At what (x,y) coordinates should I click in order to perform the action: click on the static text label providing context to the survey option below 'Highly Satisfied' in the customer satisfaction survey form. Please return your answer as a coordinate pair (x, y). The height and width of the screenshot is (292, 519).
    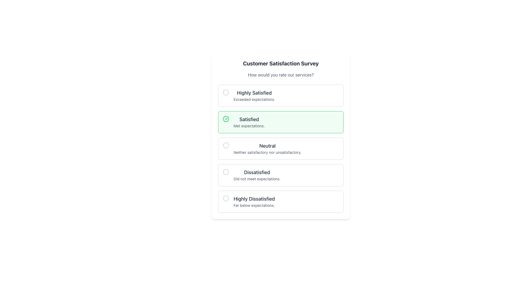
    Looking at the image, I should click on (254, 99).